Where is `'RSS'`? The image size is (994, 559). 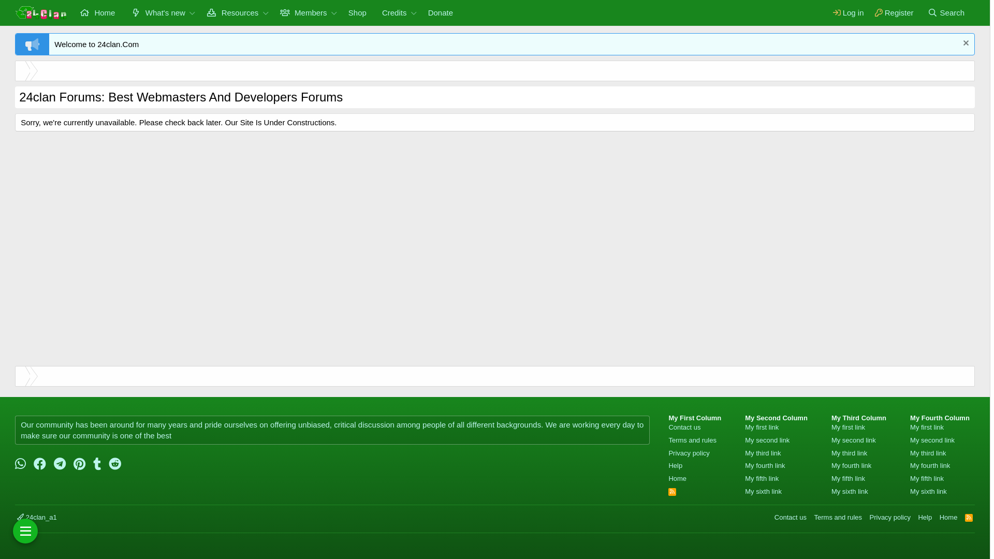
'RSS' is located at coordinates (968, 517).